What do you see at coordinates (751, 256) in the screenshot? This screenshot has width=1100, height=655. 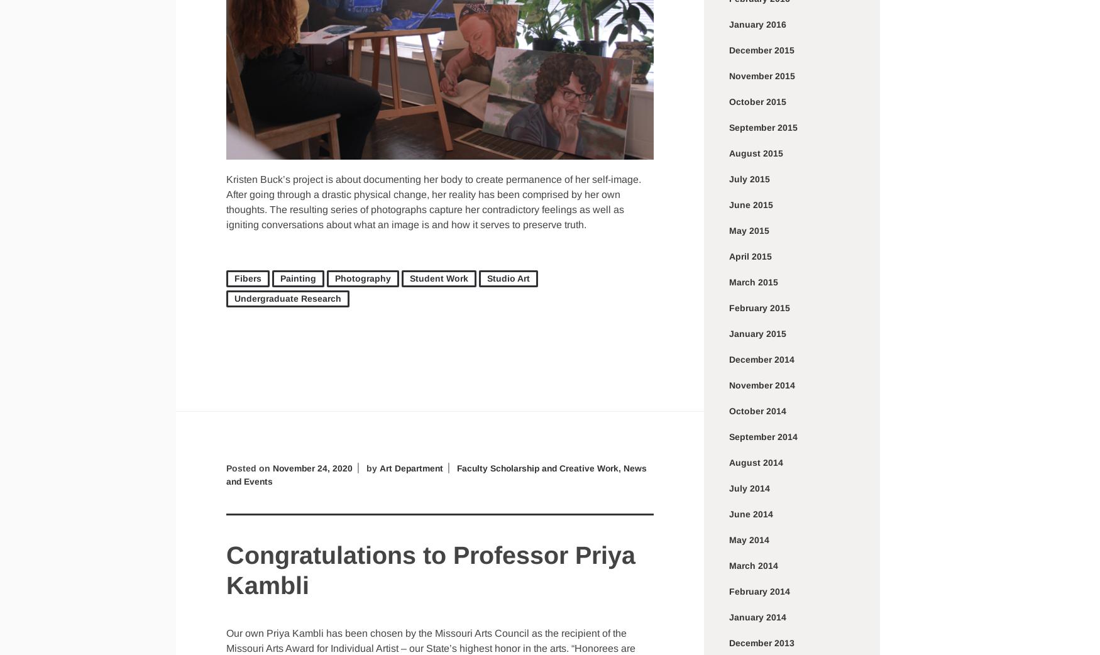 I see `'April 2015'` at bounding box center [751, 256].